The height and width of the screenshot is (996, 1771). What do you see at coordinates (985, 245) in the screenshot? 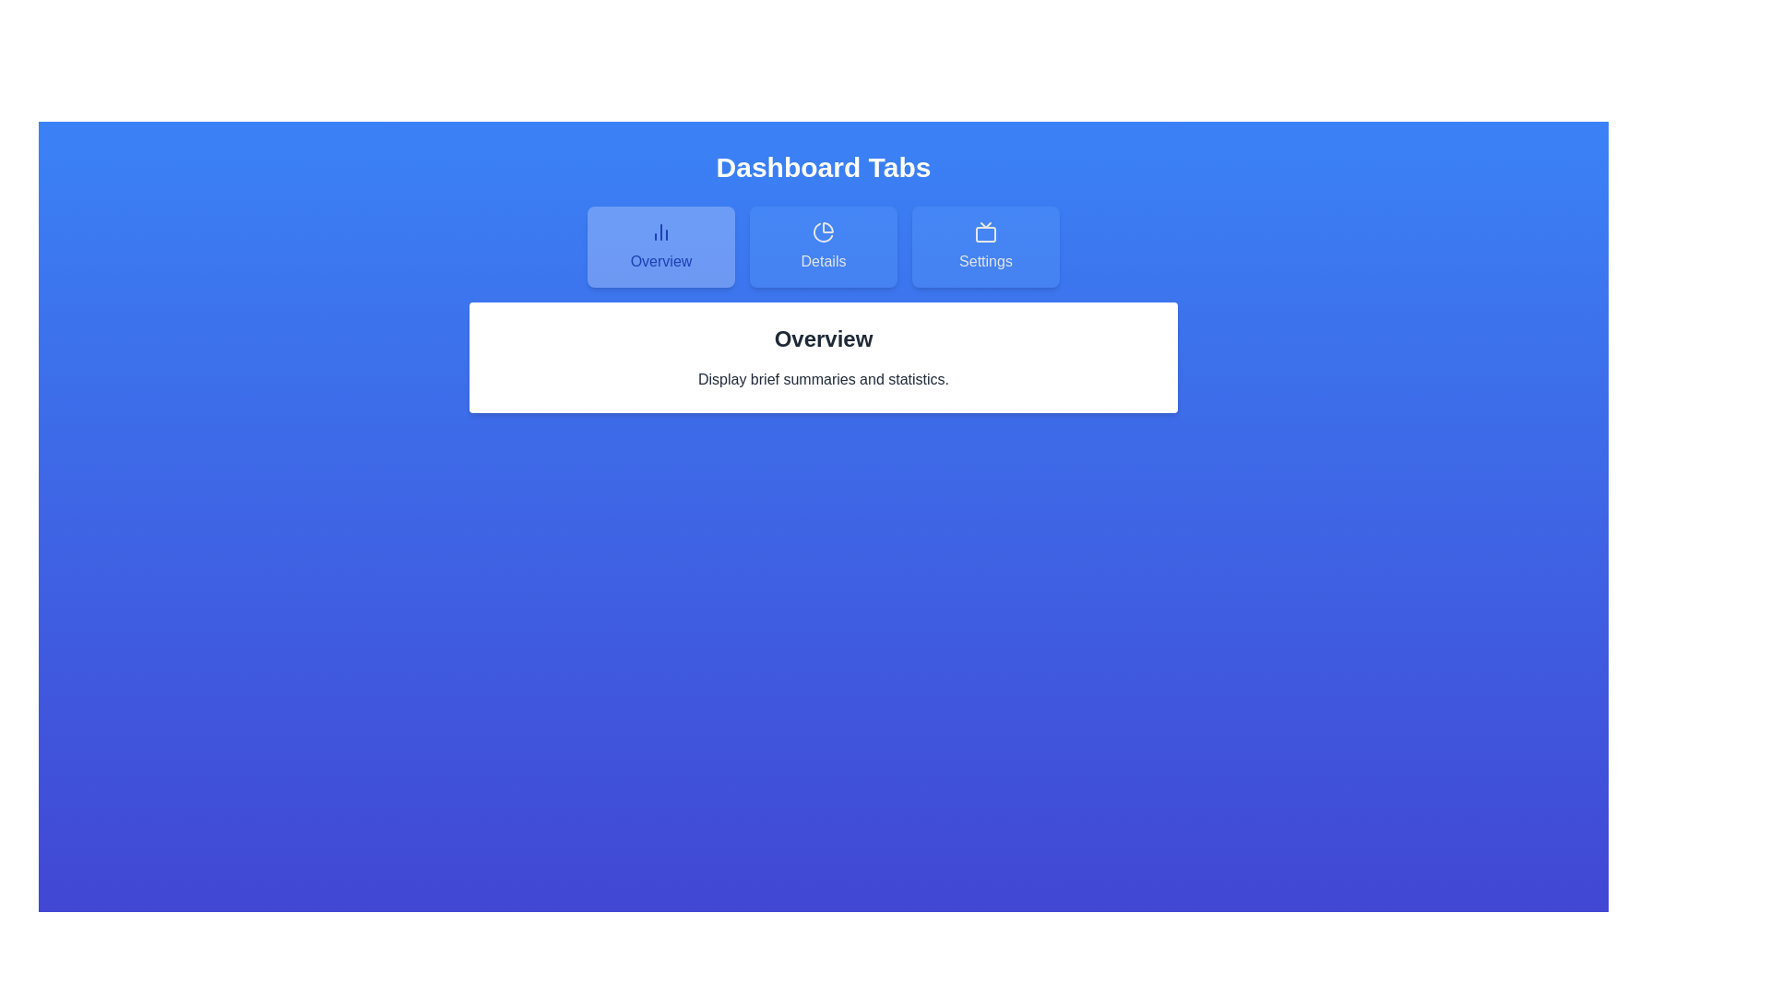
I see `the Settings tab by clicking on its button` at bounding box center [985, 245].